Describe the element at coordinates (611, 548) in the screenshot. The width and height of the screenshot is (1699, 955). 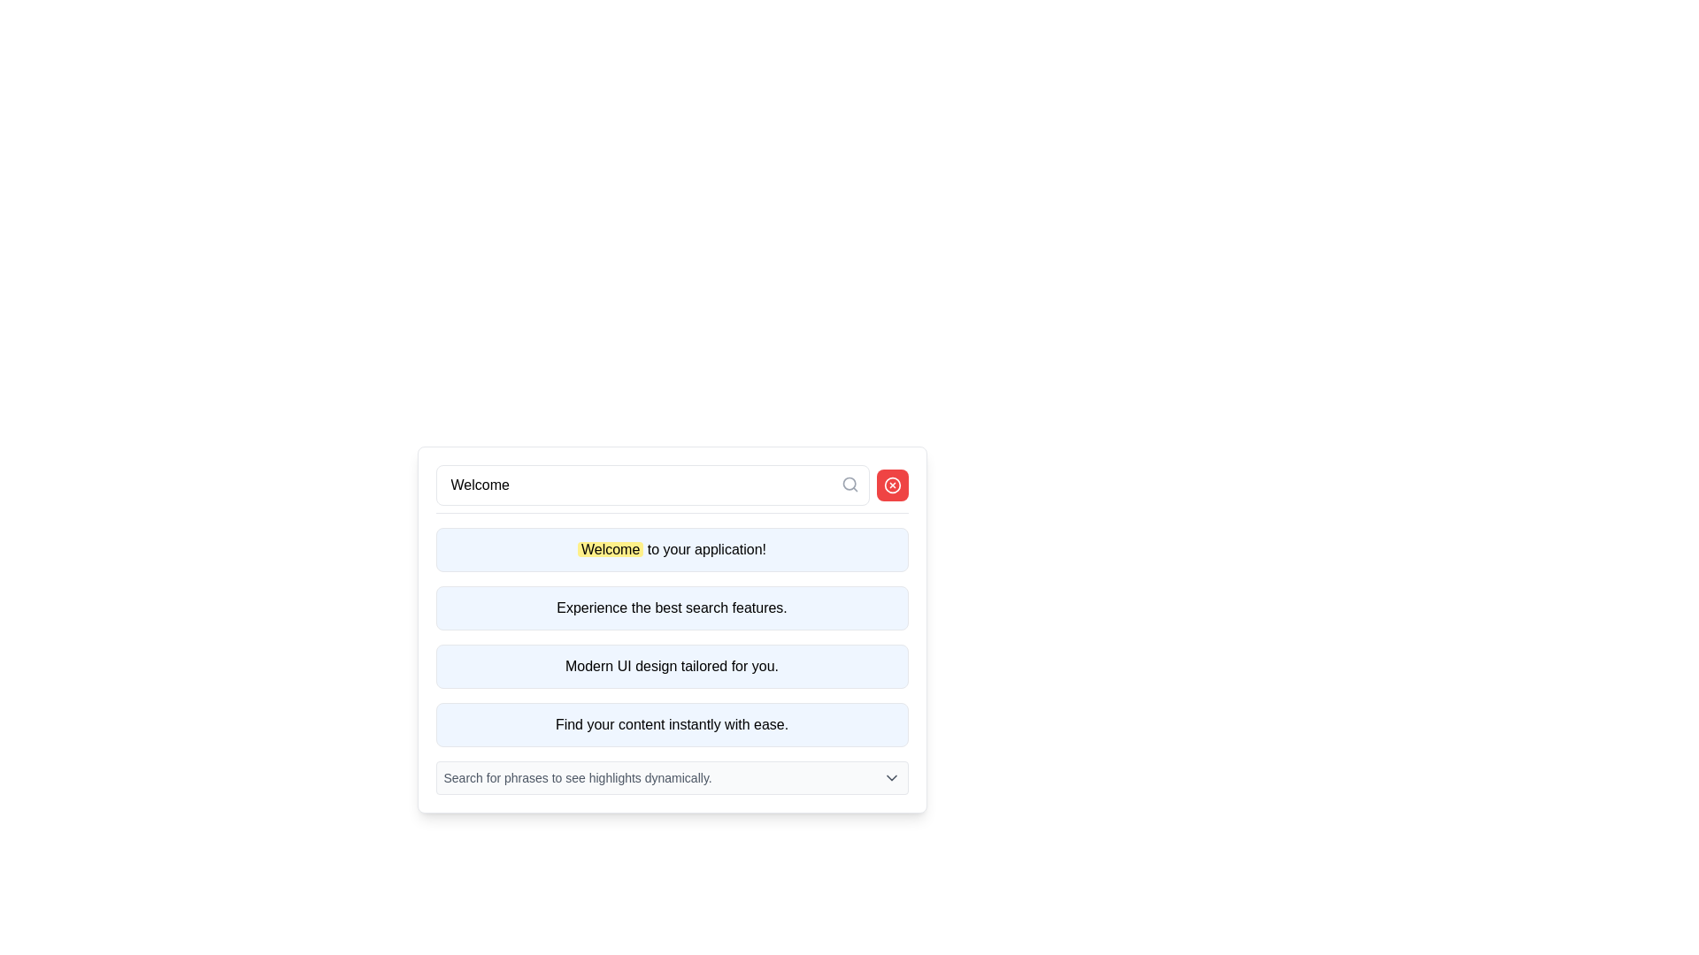
I see `the text label that serves as a greeting within the introductory sentence, styled with a yellow background and located below the search input` at that location.